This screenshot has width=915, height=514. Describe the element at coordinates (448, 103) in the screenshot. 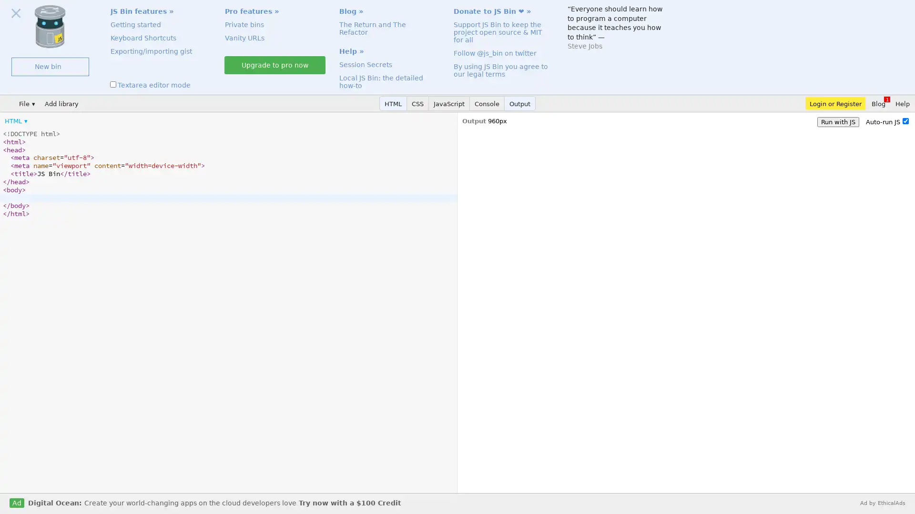

I see `JavaScript Panel: Inactive` at that location.